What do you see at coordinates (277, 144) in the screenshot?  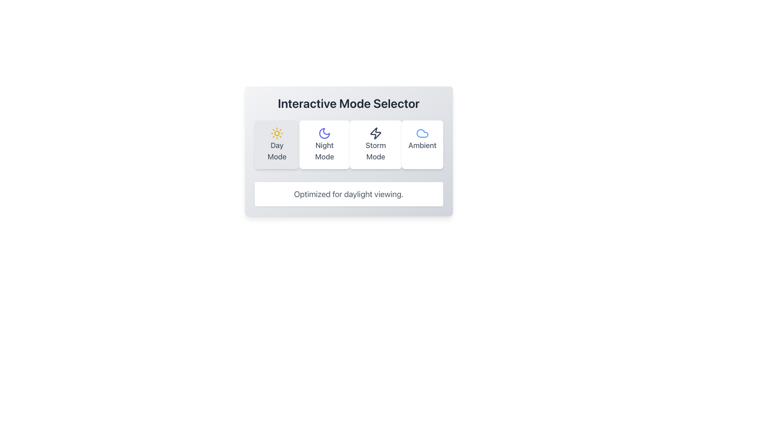 I see `the 'Day Mode' button, which is a rectangular card with a sun icon at the top center and 'Day Mode' text below, to observe the hover effect` at bounding box center [277, 144].